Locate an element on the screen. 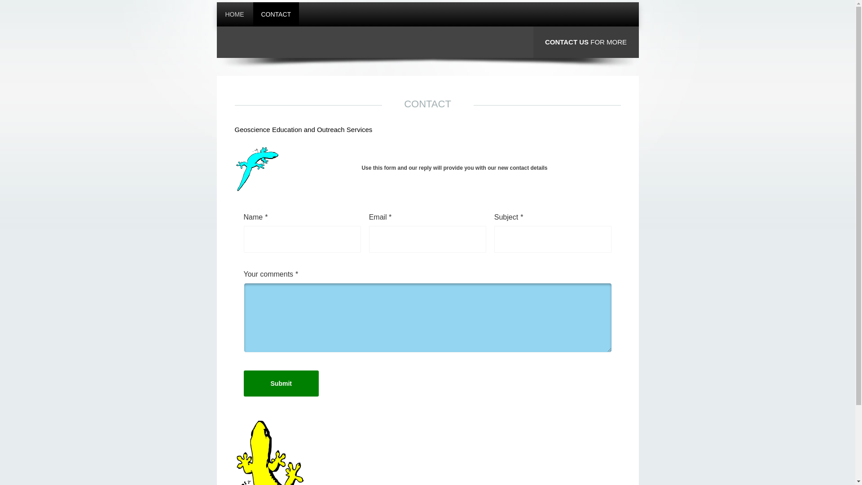 The image size is (862, 485). 'HOME' is located at coordinates (217, 14).